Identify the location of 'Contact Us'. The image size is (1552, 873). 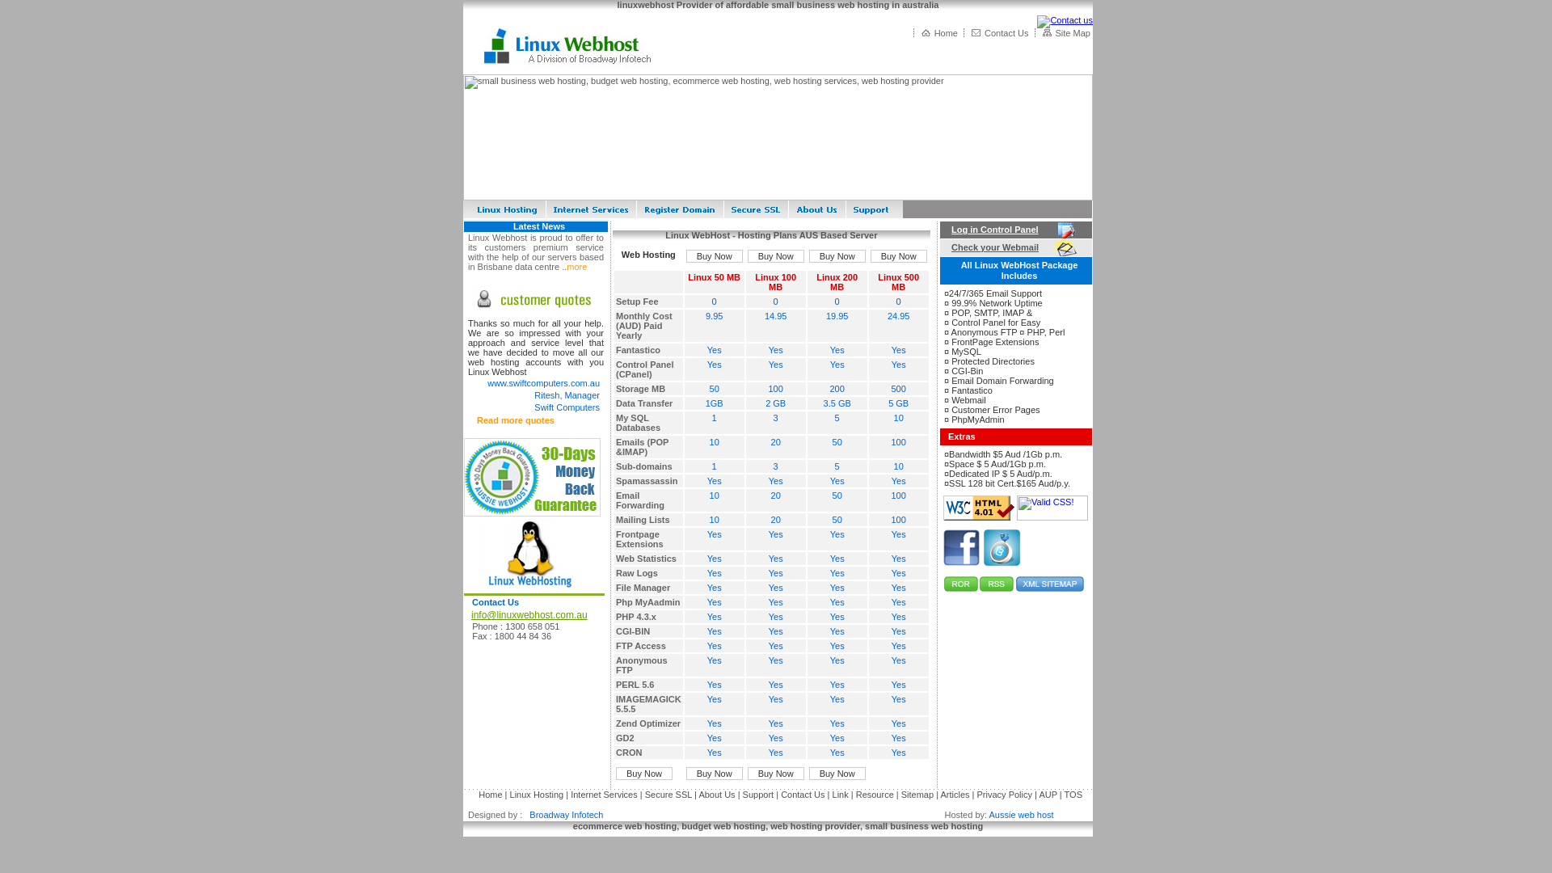
(1005, 33).